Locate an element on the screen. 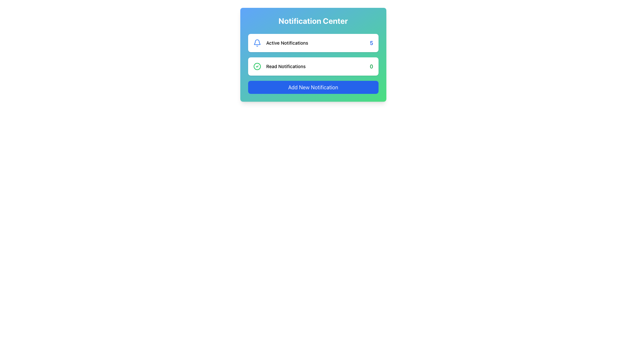 The height and width of the screenshot is (352, 626). the static text header element that serves as the title for the interface section, positioned at the top-center of the panel is located at coordinates (313, 21).